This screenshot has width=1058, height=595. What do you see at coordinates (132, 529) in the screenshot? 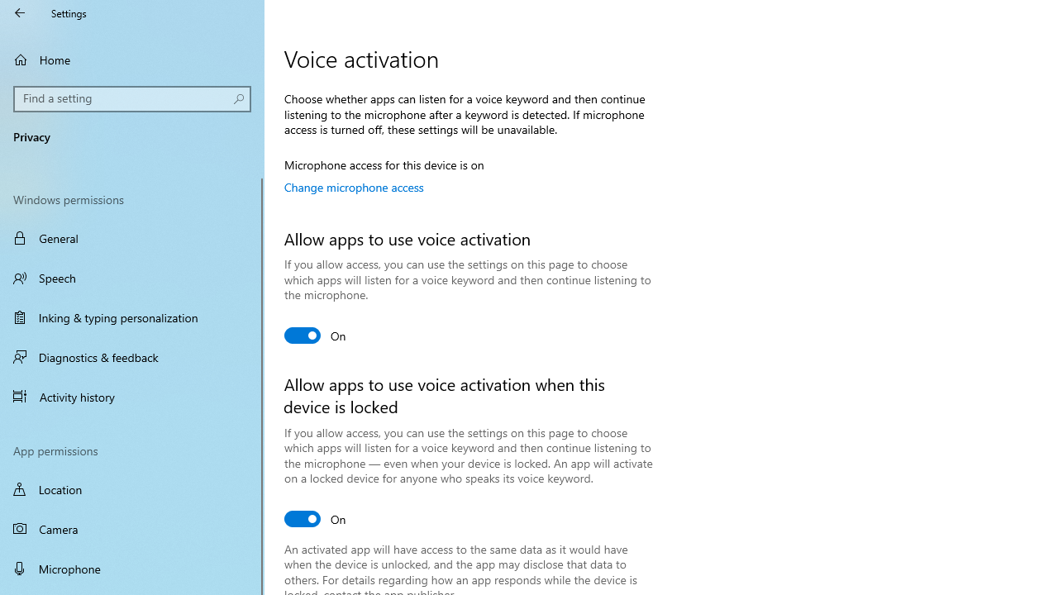
I see `'Camera'` at bounding box center [132, 529].